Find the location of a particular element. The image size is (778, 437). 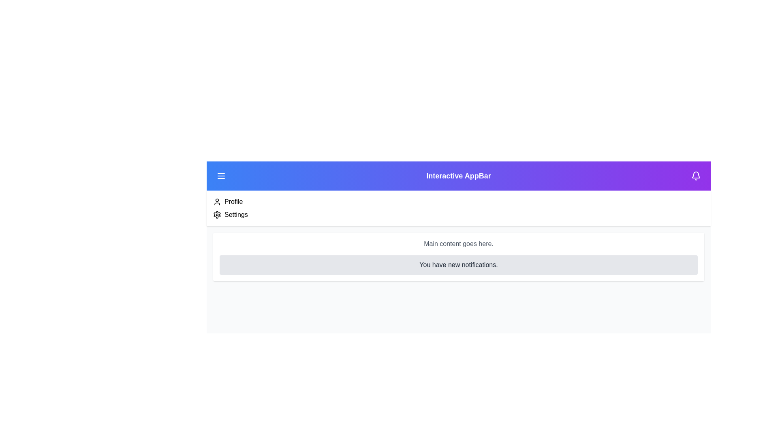

the 'Settings' option in the menu is located at coordinates (235, 214).